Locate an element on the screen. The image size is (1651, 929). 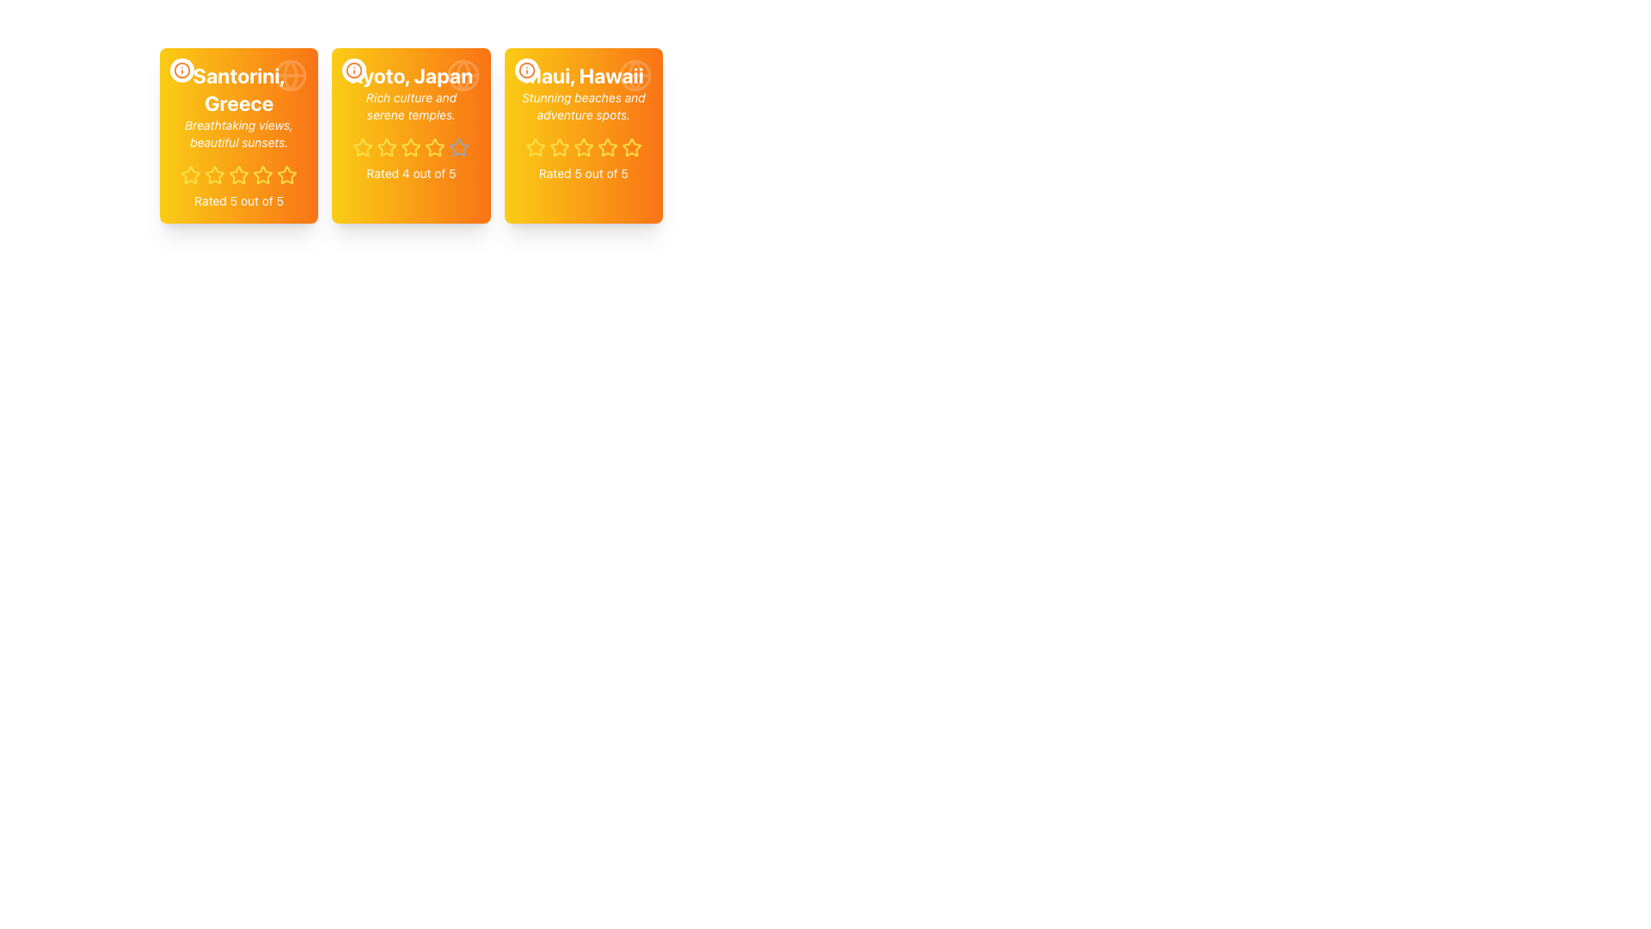
the Text Label that displays the rating information for the associated item, located below the row of star icons in the leftmost card is located at coordinates (238, 200).